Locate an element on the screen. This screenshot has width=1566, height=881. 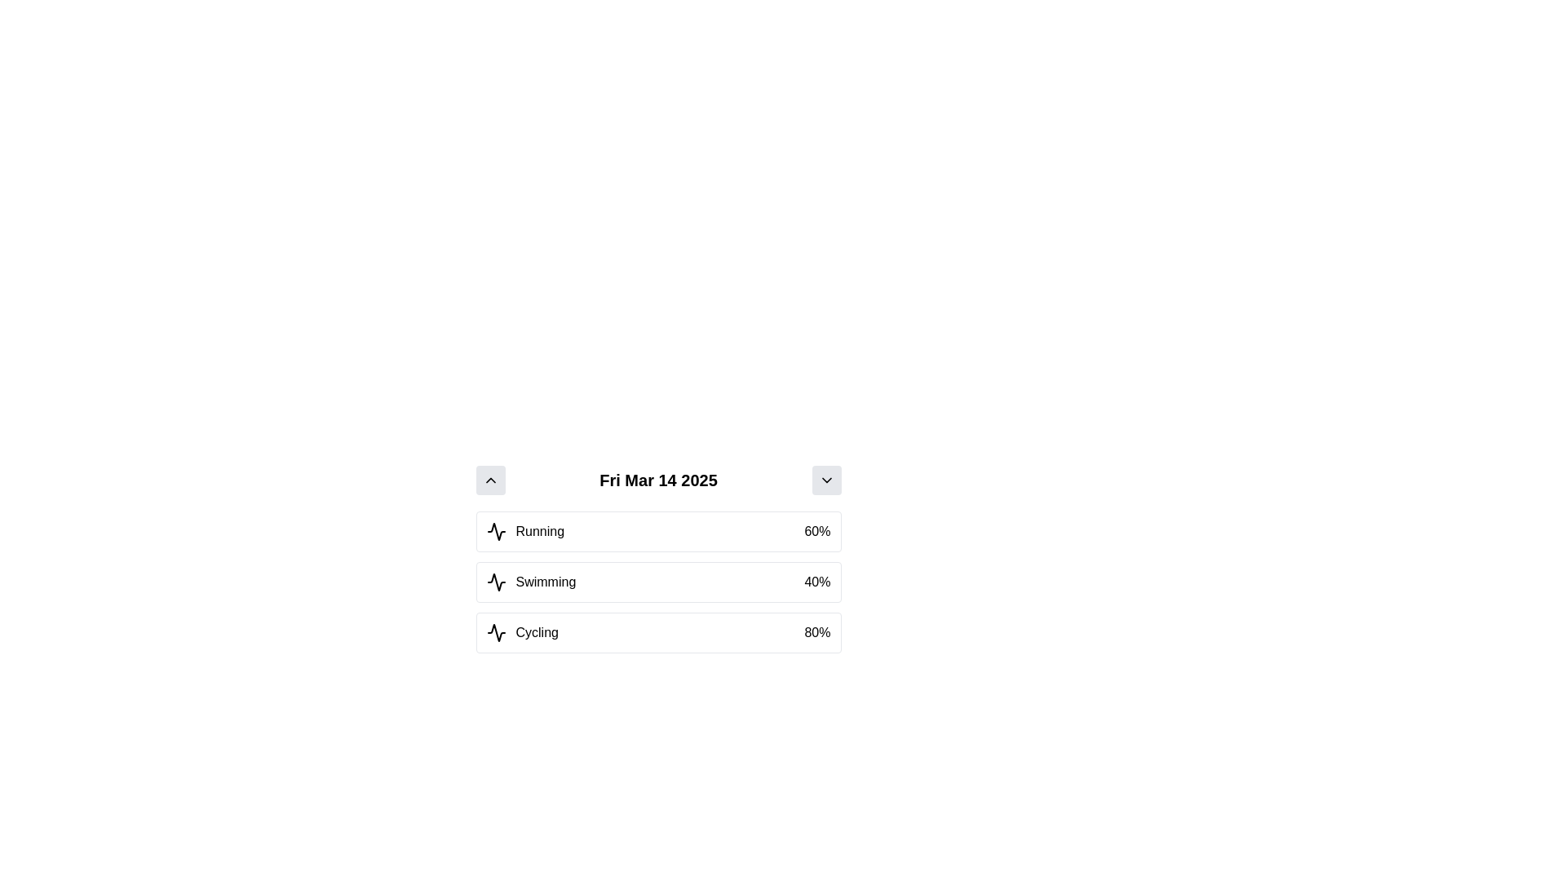
the waveform icon, which is styled with black strokes and located to the left of the text 'Swimming' in the second row of the list is located at coordinates (495, 581).